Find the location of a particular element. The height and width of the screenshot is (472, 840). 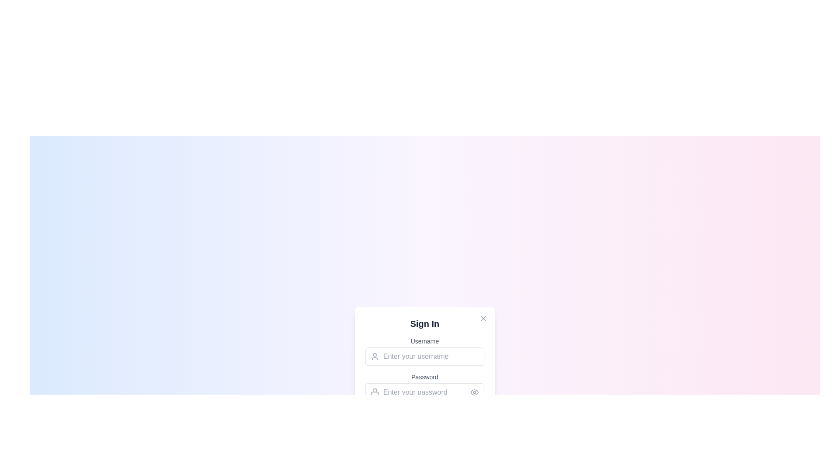

the 'Password' label, which is a small gray text label positioned centrally in the authentication modal above the password input field is located at coordinates (424, 377).